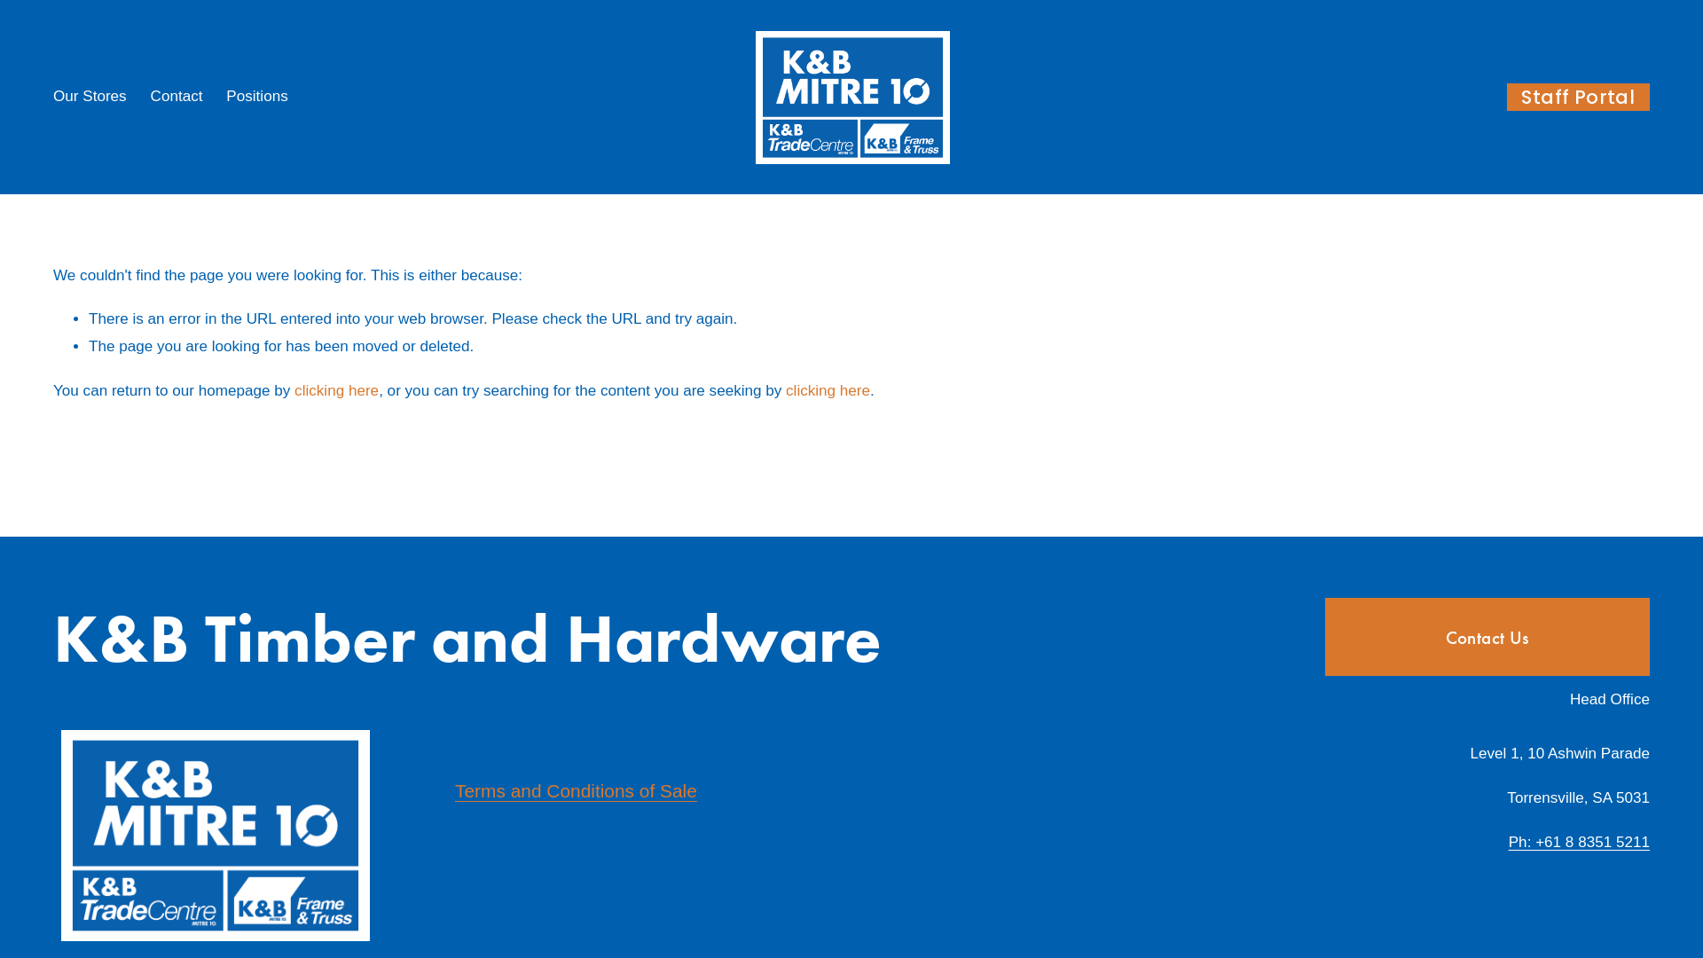  Describe the element at coordinates (1487, 635) in the screenshot. I see `'Contact Us'` at that location.